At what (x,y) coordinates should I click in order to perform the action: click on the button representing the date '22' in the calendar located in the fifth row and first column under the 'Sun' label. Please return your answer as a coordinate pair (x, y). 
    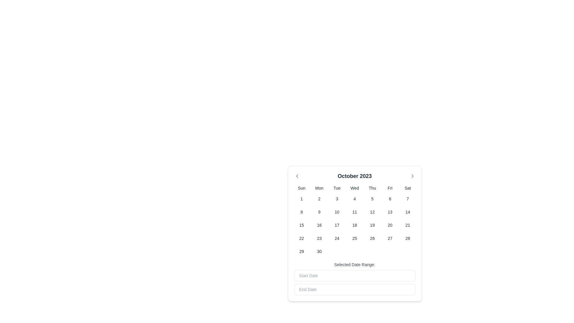
    Looking at the image, I should click on (302, 238).